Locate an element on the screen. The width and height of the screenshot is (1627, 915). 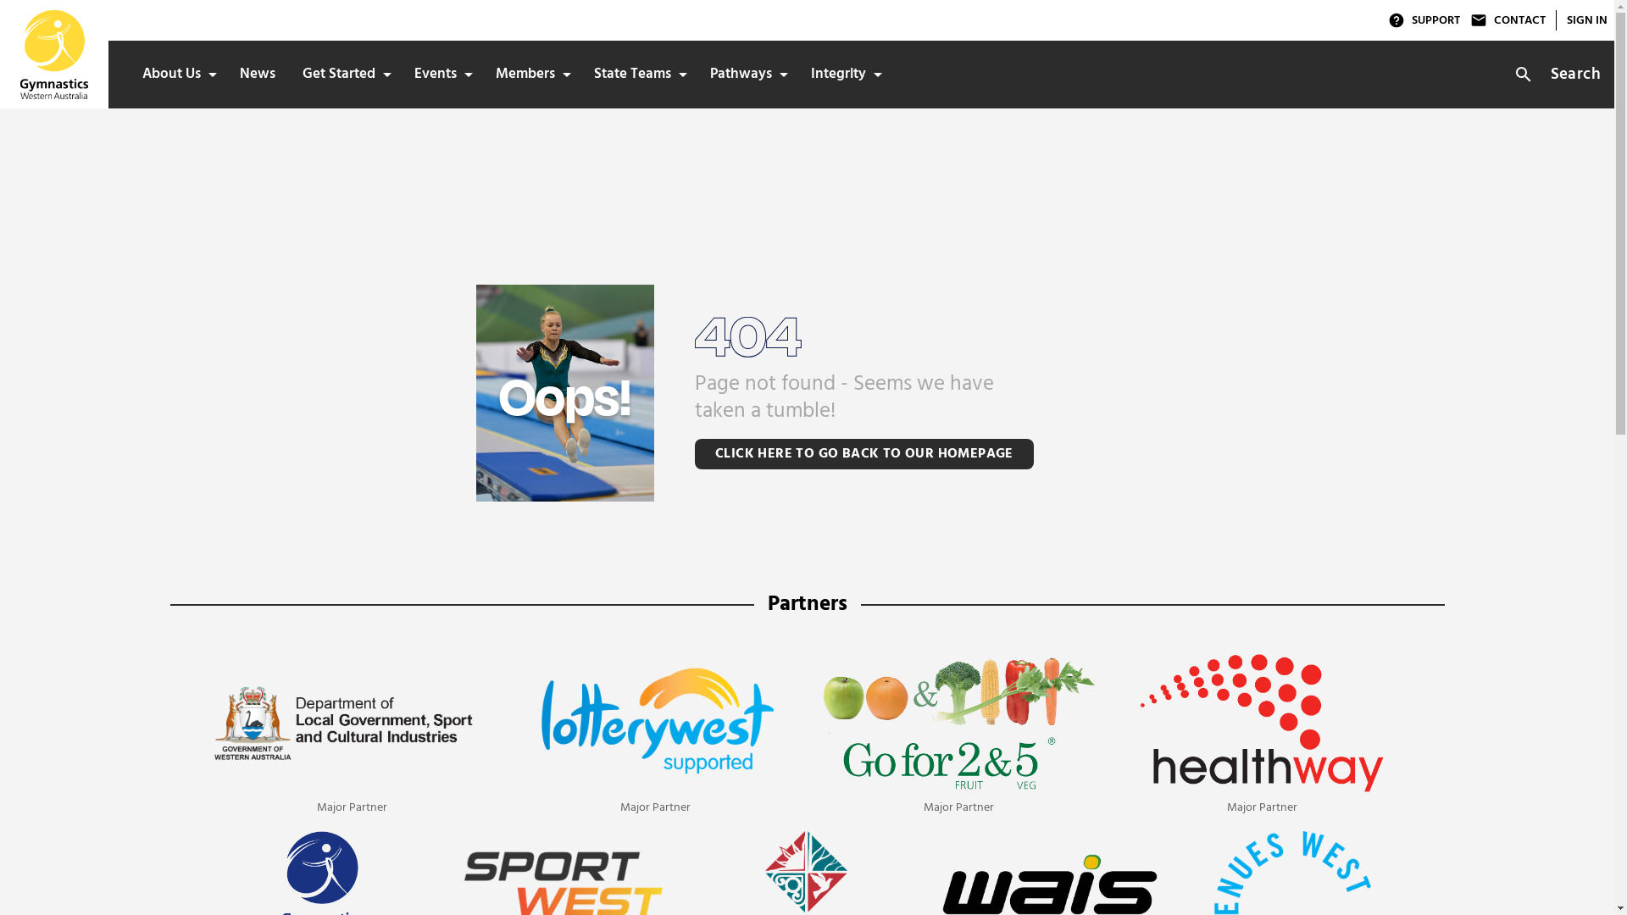
'Integrity' is located at coordinates (796, 74).